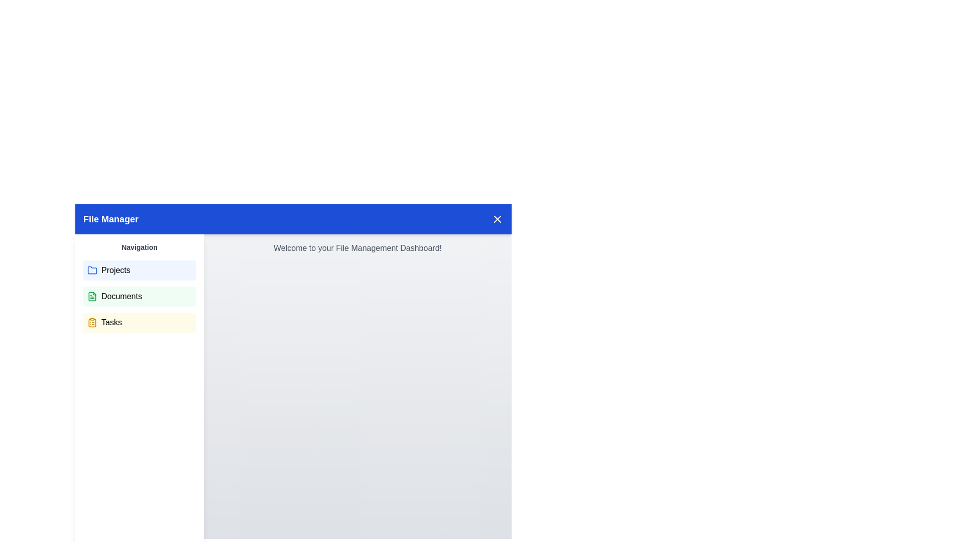 This screenshot has height=542, width=964. Describe the element at coordinates (357, 248) in the screenshot. I see `text from the prominently displayed gray text label that says 'Welcome to your File Management Dashboard!' located near the top of the main content area` at that location.